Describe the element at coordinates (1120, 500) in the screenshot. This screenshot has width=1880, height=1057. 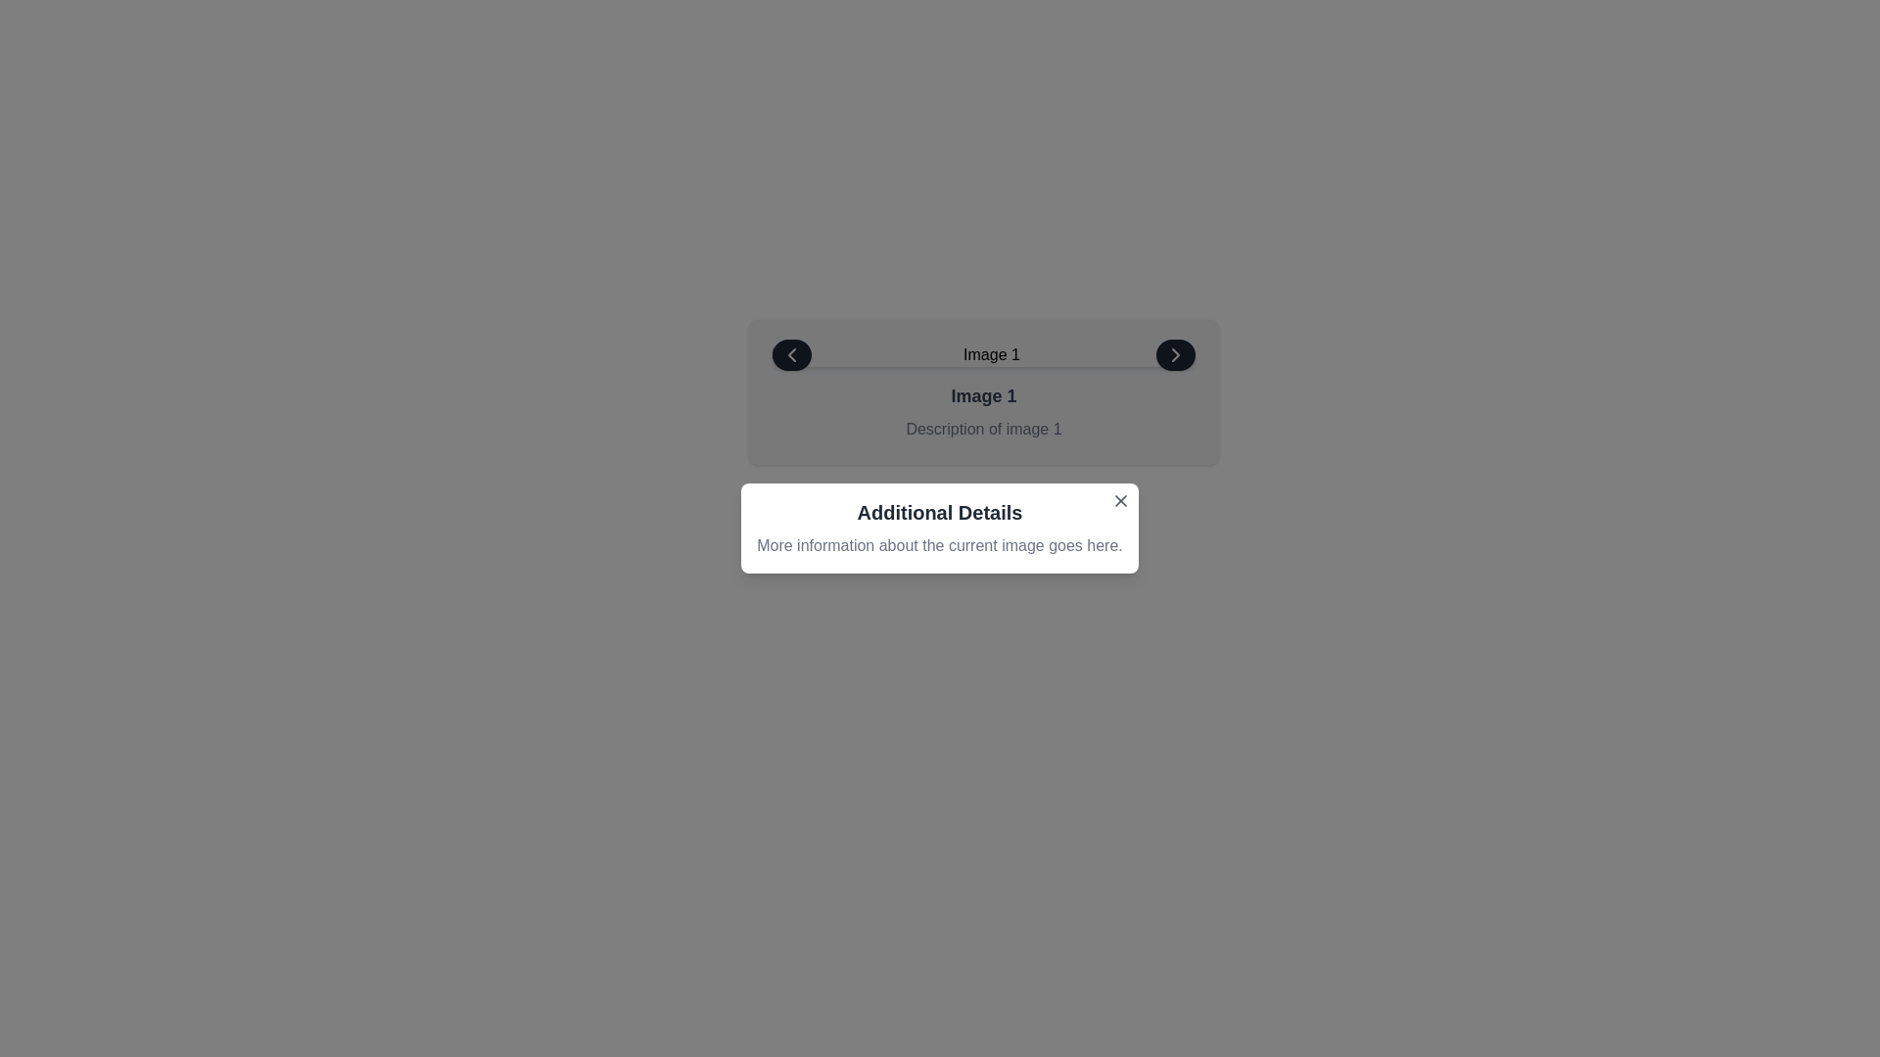
I see `the close button located in the top-right corner of the 'Additional Details' modal to change its appearance` at that location.